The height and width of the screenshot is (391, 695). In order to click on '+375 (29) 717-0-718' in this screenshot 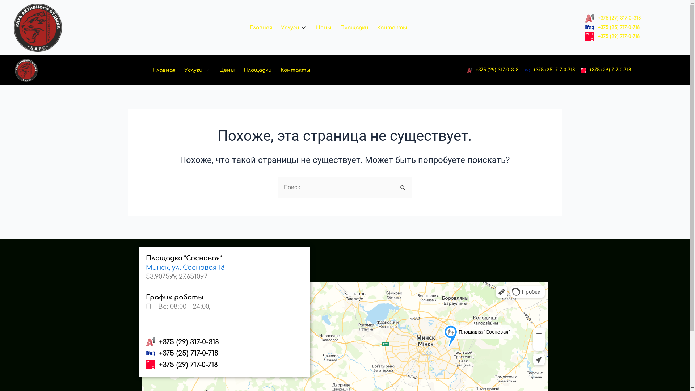, I will do `click(612, 37)`.